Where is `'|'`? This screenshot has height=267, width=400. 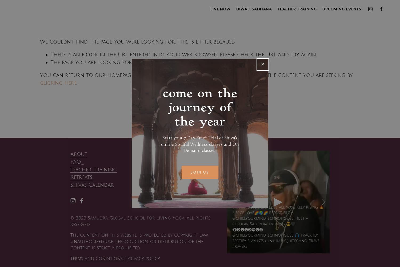 '|' is located at coordinates (125, 258).